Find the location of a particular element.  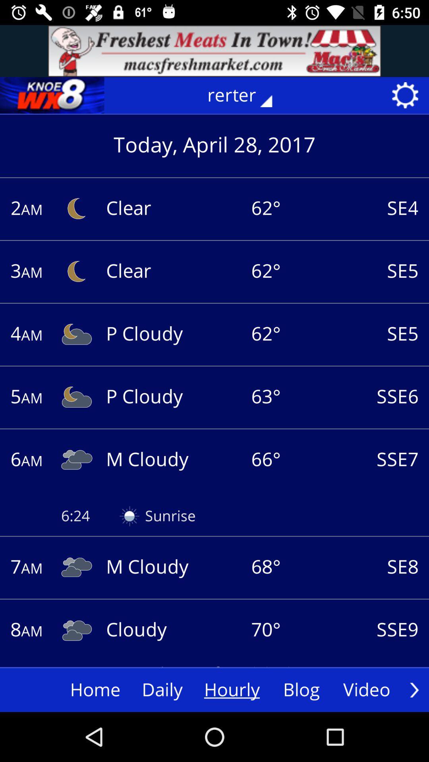

item next to rerter item is located at coordinates (52, 95).